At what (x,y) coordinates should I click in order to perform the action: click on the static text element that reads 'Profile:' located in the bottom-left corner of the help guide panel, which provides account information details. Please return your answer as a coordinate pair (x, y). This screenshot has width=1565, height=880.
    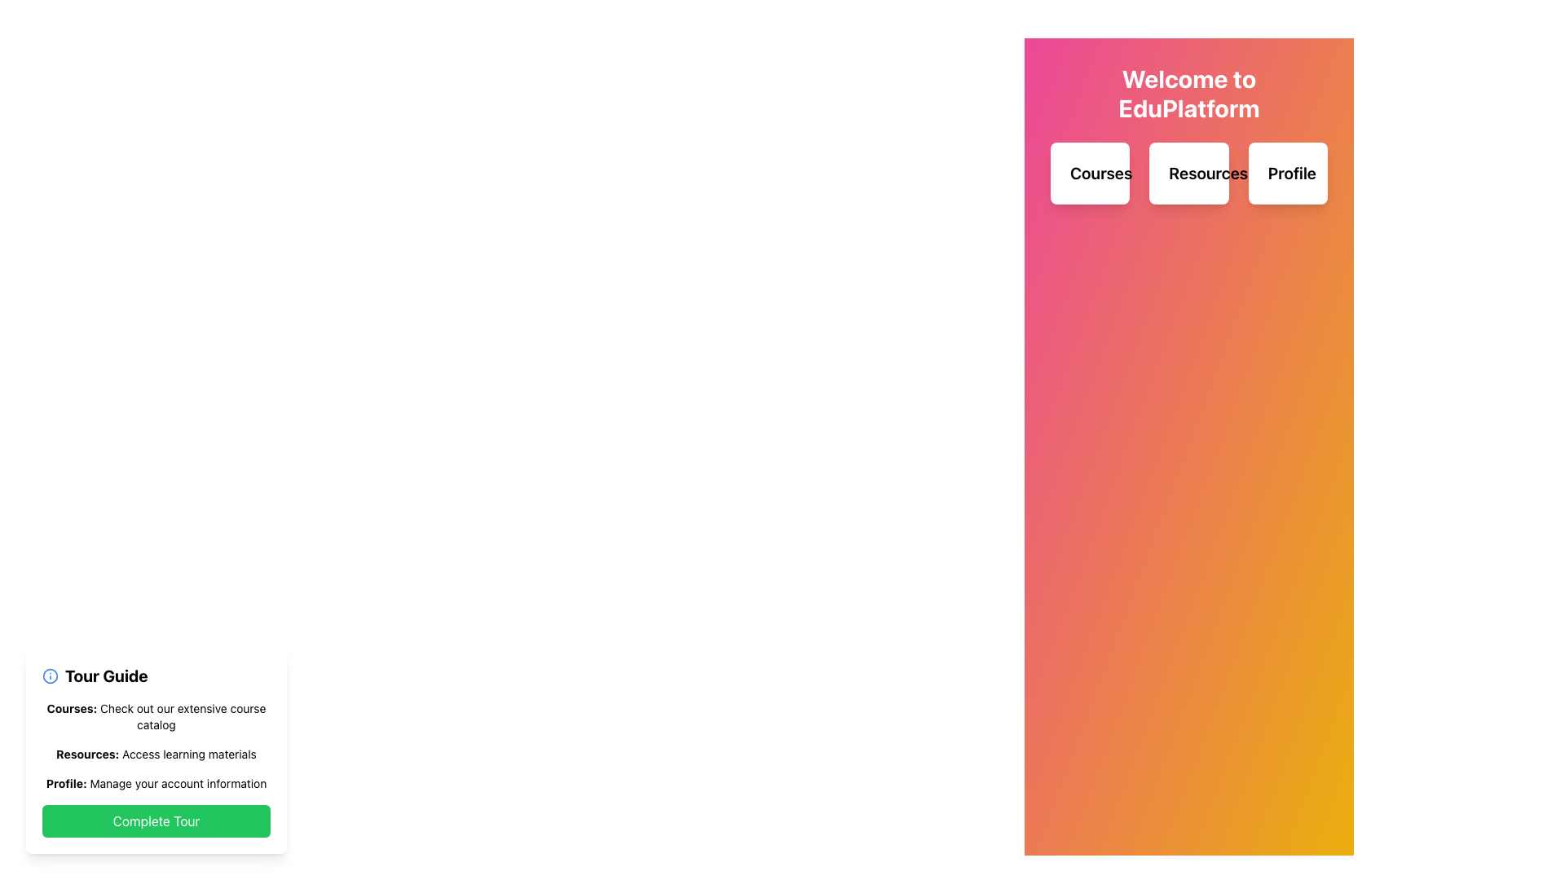
    Looking at the image, I should click on (65, 782).